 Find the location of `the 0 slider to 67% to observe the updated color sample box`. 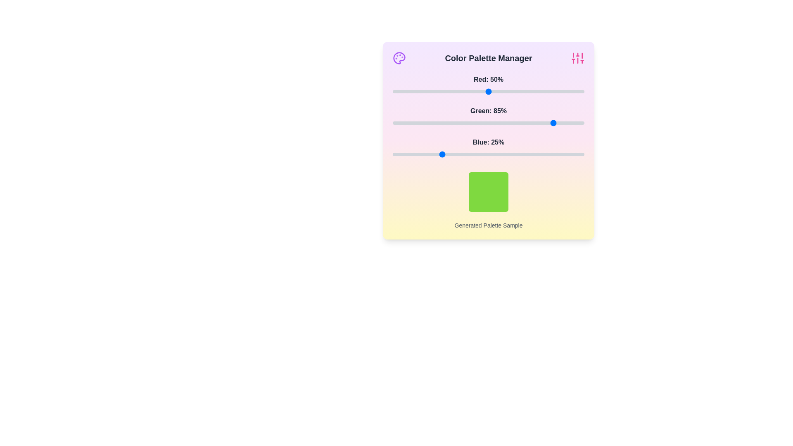

the 0 slider to 67% to observe the updated color sample box is located at coordinates (520, 92).